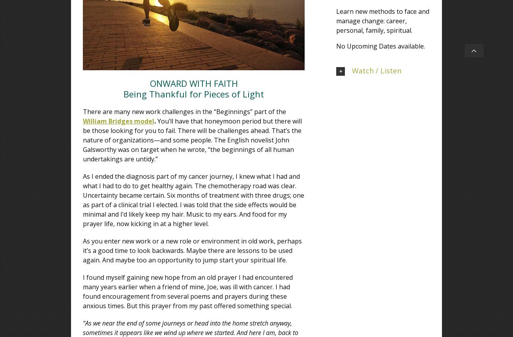 Image resolution: width=513 pixels, height=337 pixels. Describe the element at coordinates (380, 46) in the screenshot. I see `'No Upcoming Dates available.'` at that location.